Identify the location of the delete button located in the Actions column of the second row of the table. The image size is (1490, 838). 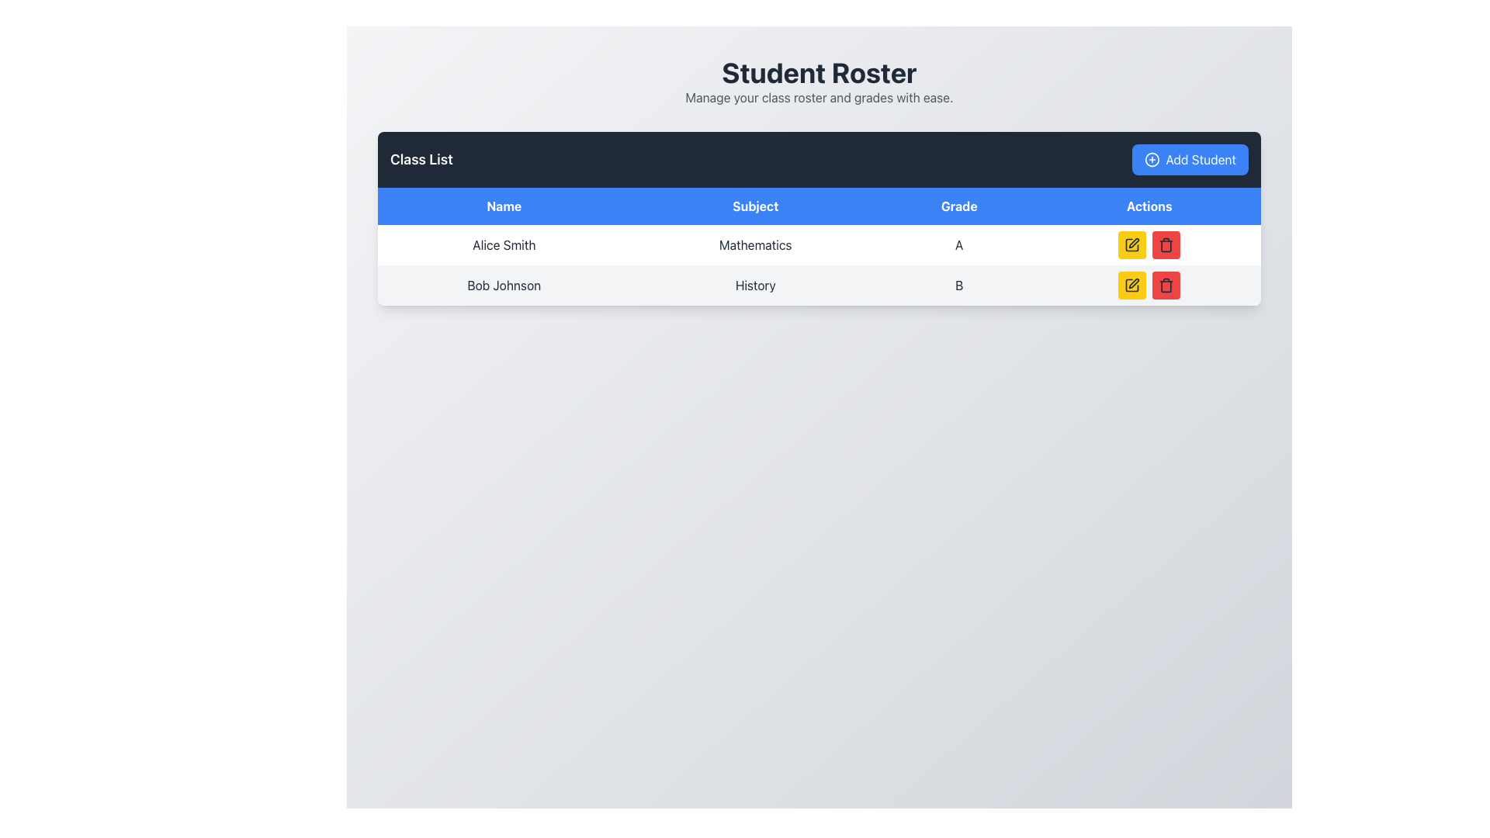
(1166, 285).